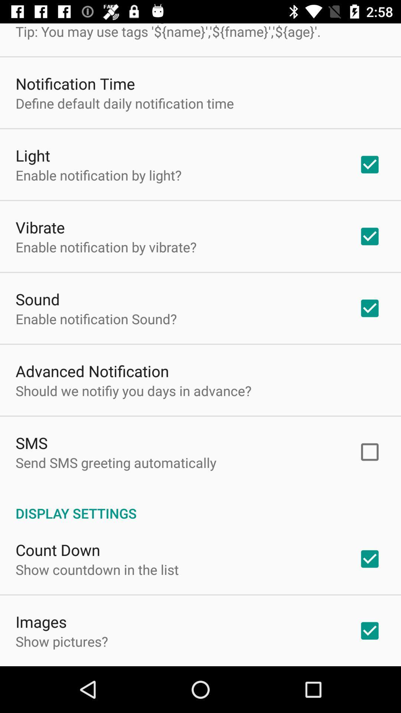 This screenshot has height=713, width=401. Describe the element at coordinates (61, 641) in the screenshot. I see `show pictures? app` at that location.